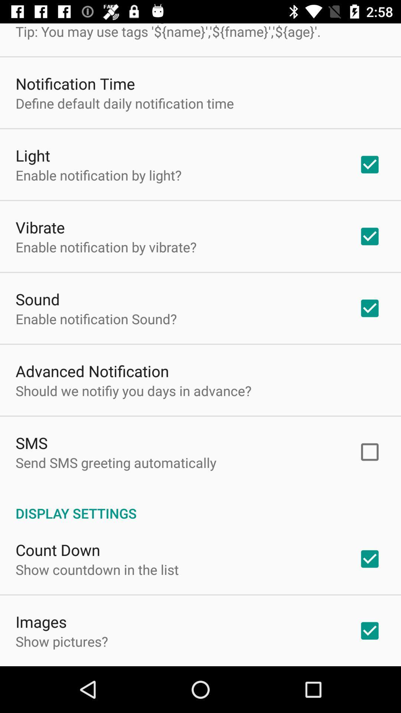 This screenshot has height=713, width=401. Describe the element at coordinates (61, 641) in the screenshot. I see `show pictures? app` at that location.